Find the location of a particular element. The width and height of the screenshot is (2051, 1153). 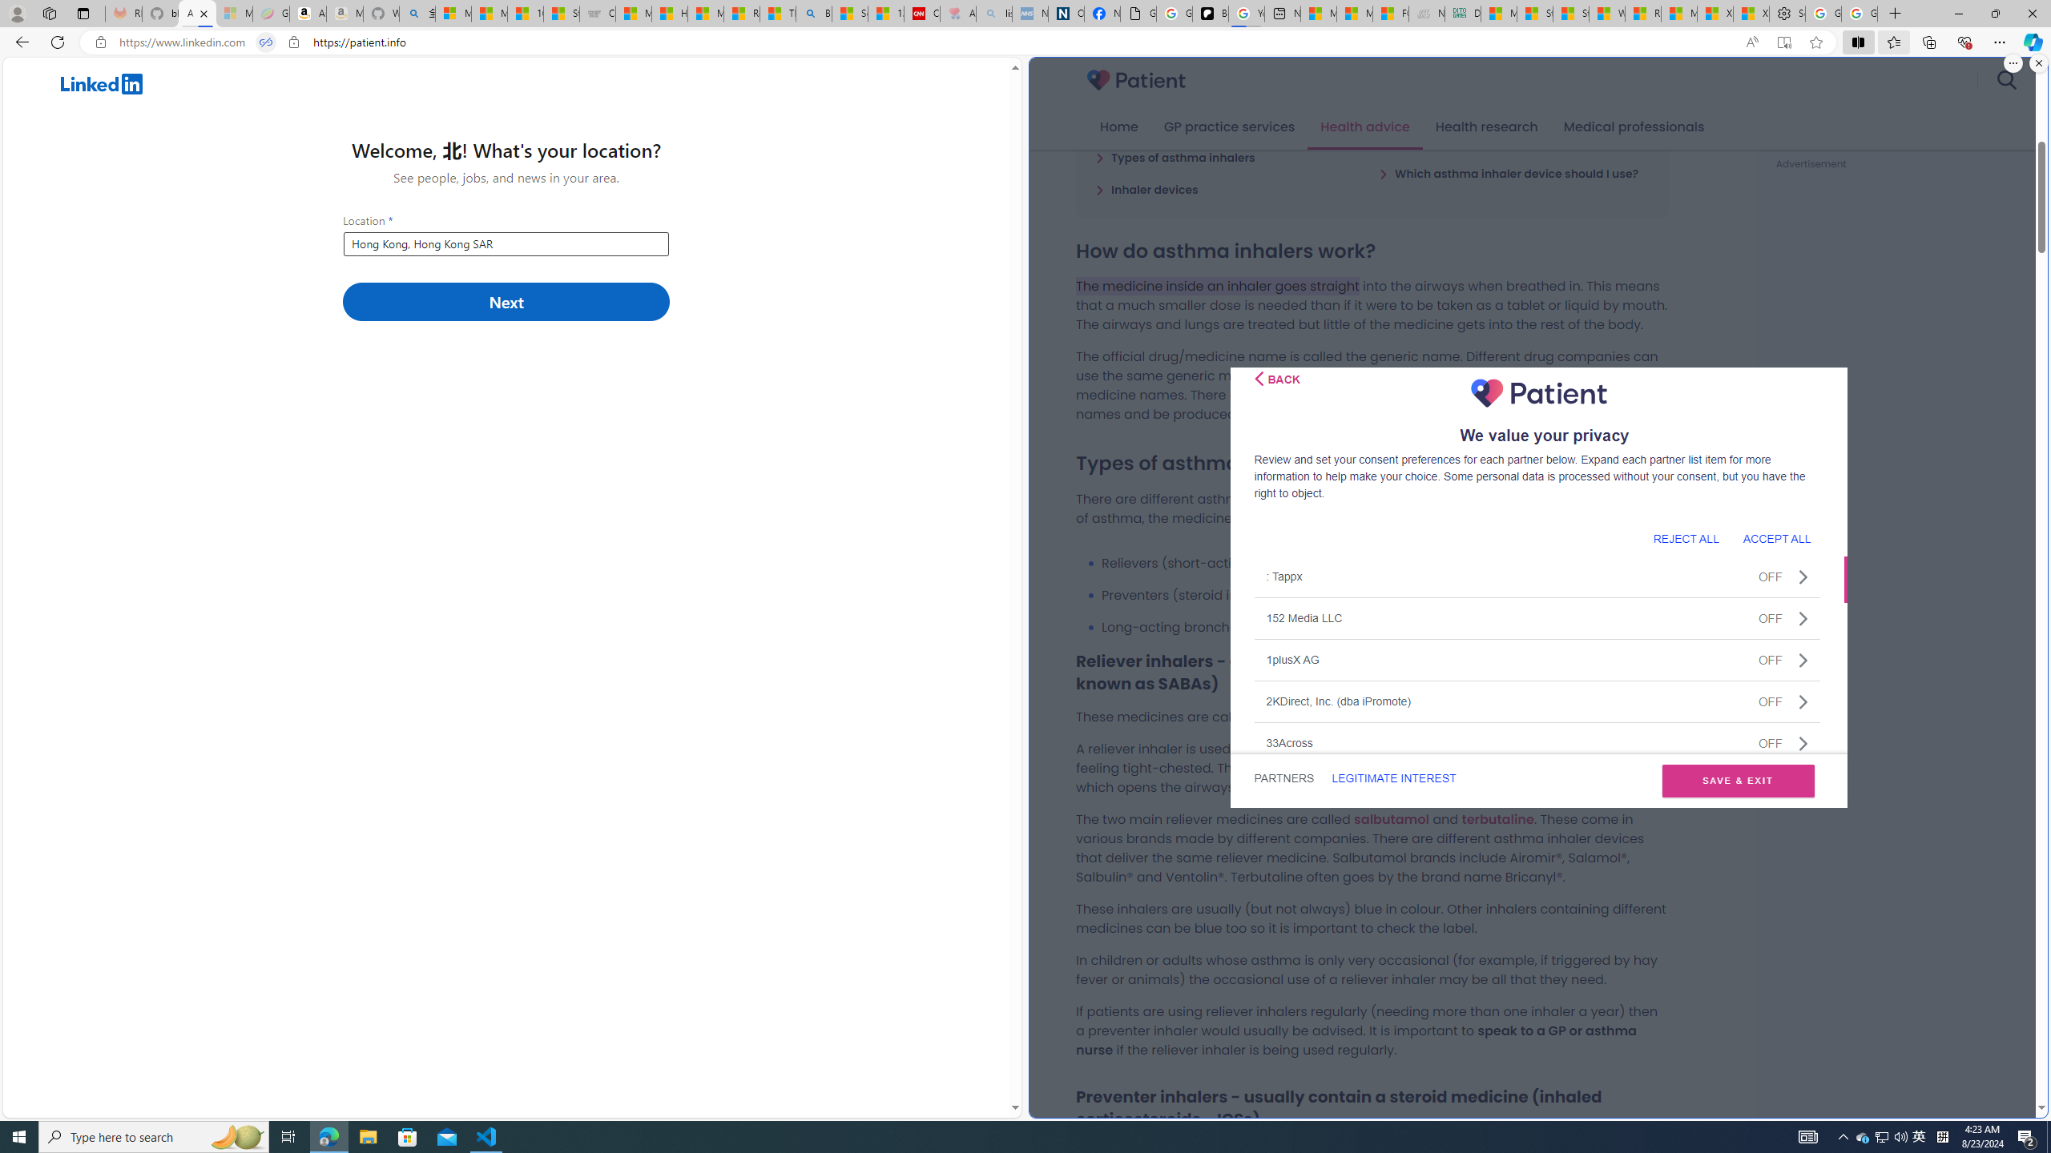

'Close split screen.' is located at coordinates (2037, 62).